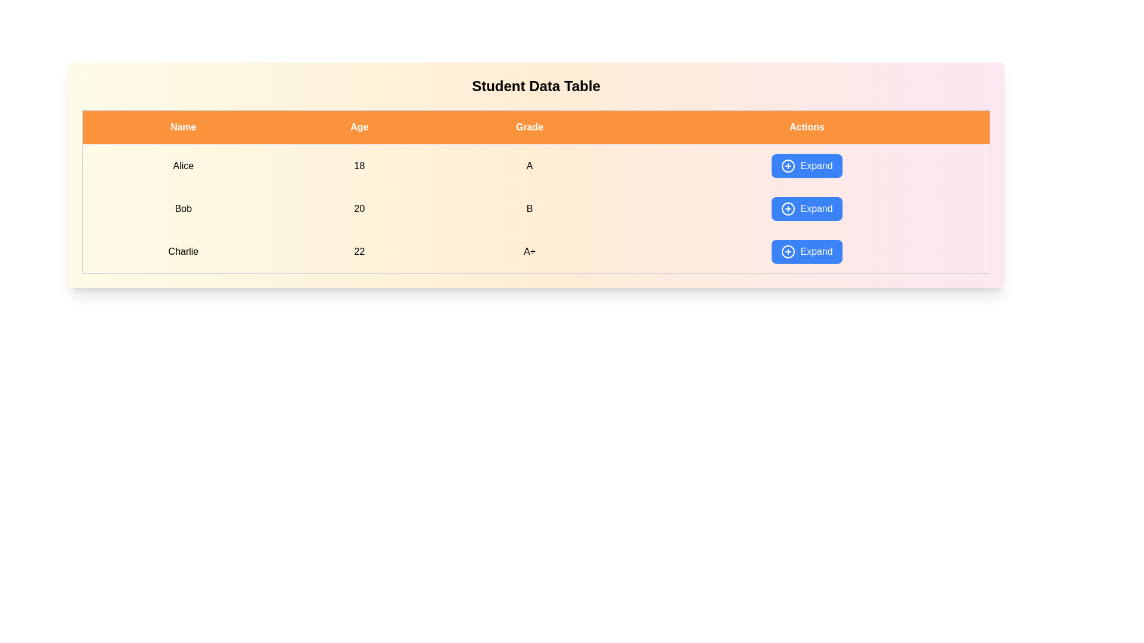  I want to click on the circular icon with a plus symbol (+) inside, located in the last 'Expand' button of the 'Actions' column for the student named 'Charlie', so click(788, 251).